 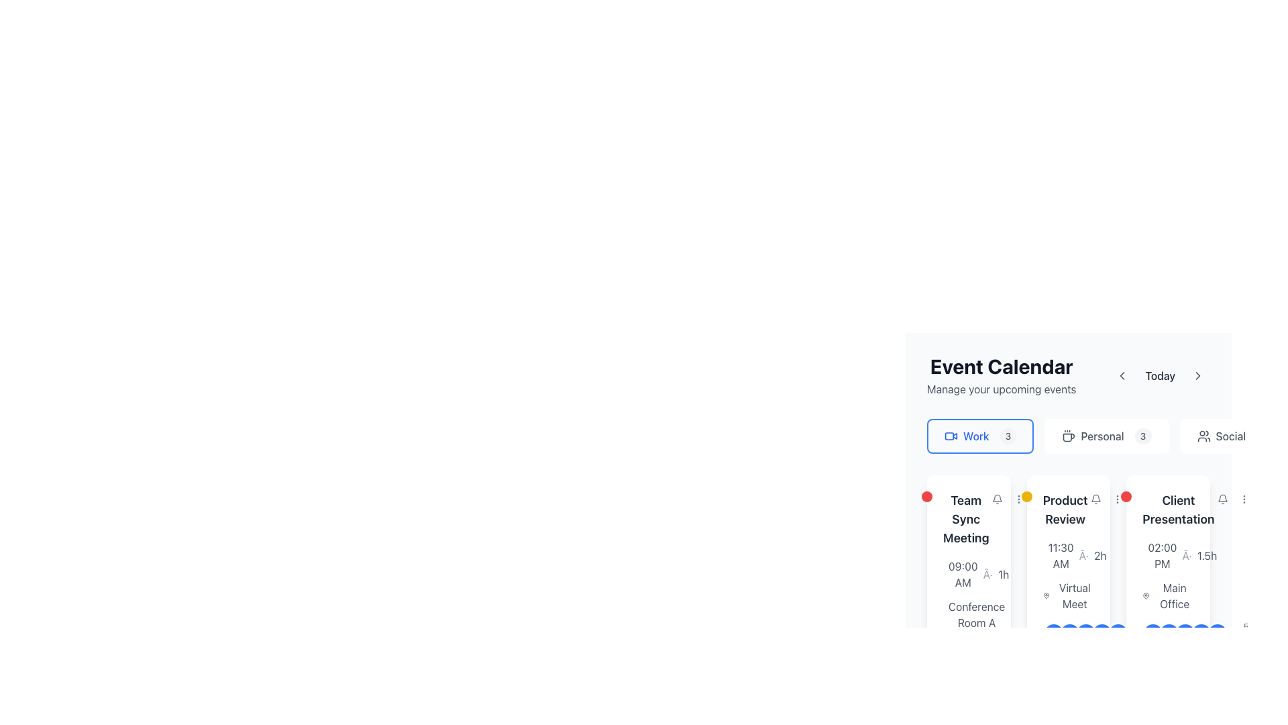 I want to click on the first circular button with a leftward chevron icon, so click(x=1122, y=375).